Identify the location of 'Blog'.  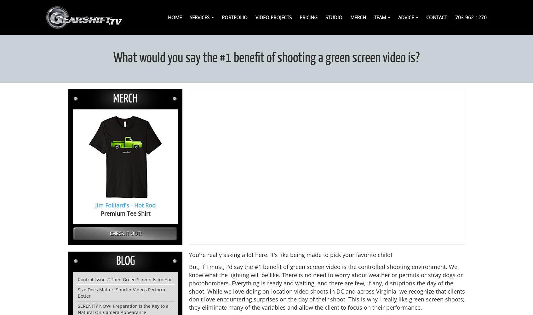
(125, 261).